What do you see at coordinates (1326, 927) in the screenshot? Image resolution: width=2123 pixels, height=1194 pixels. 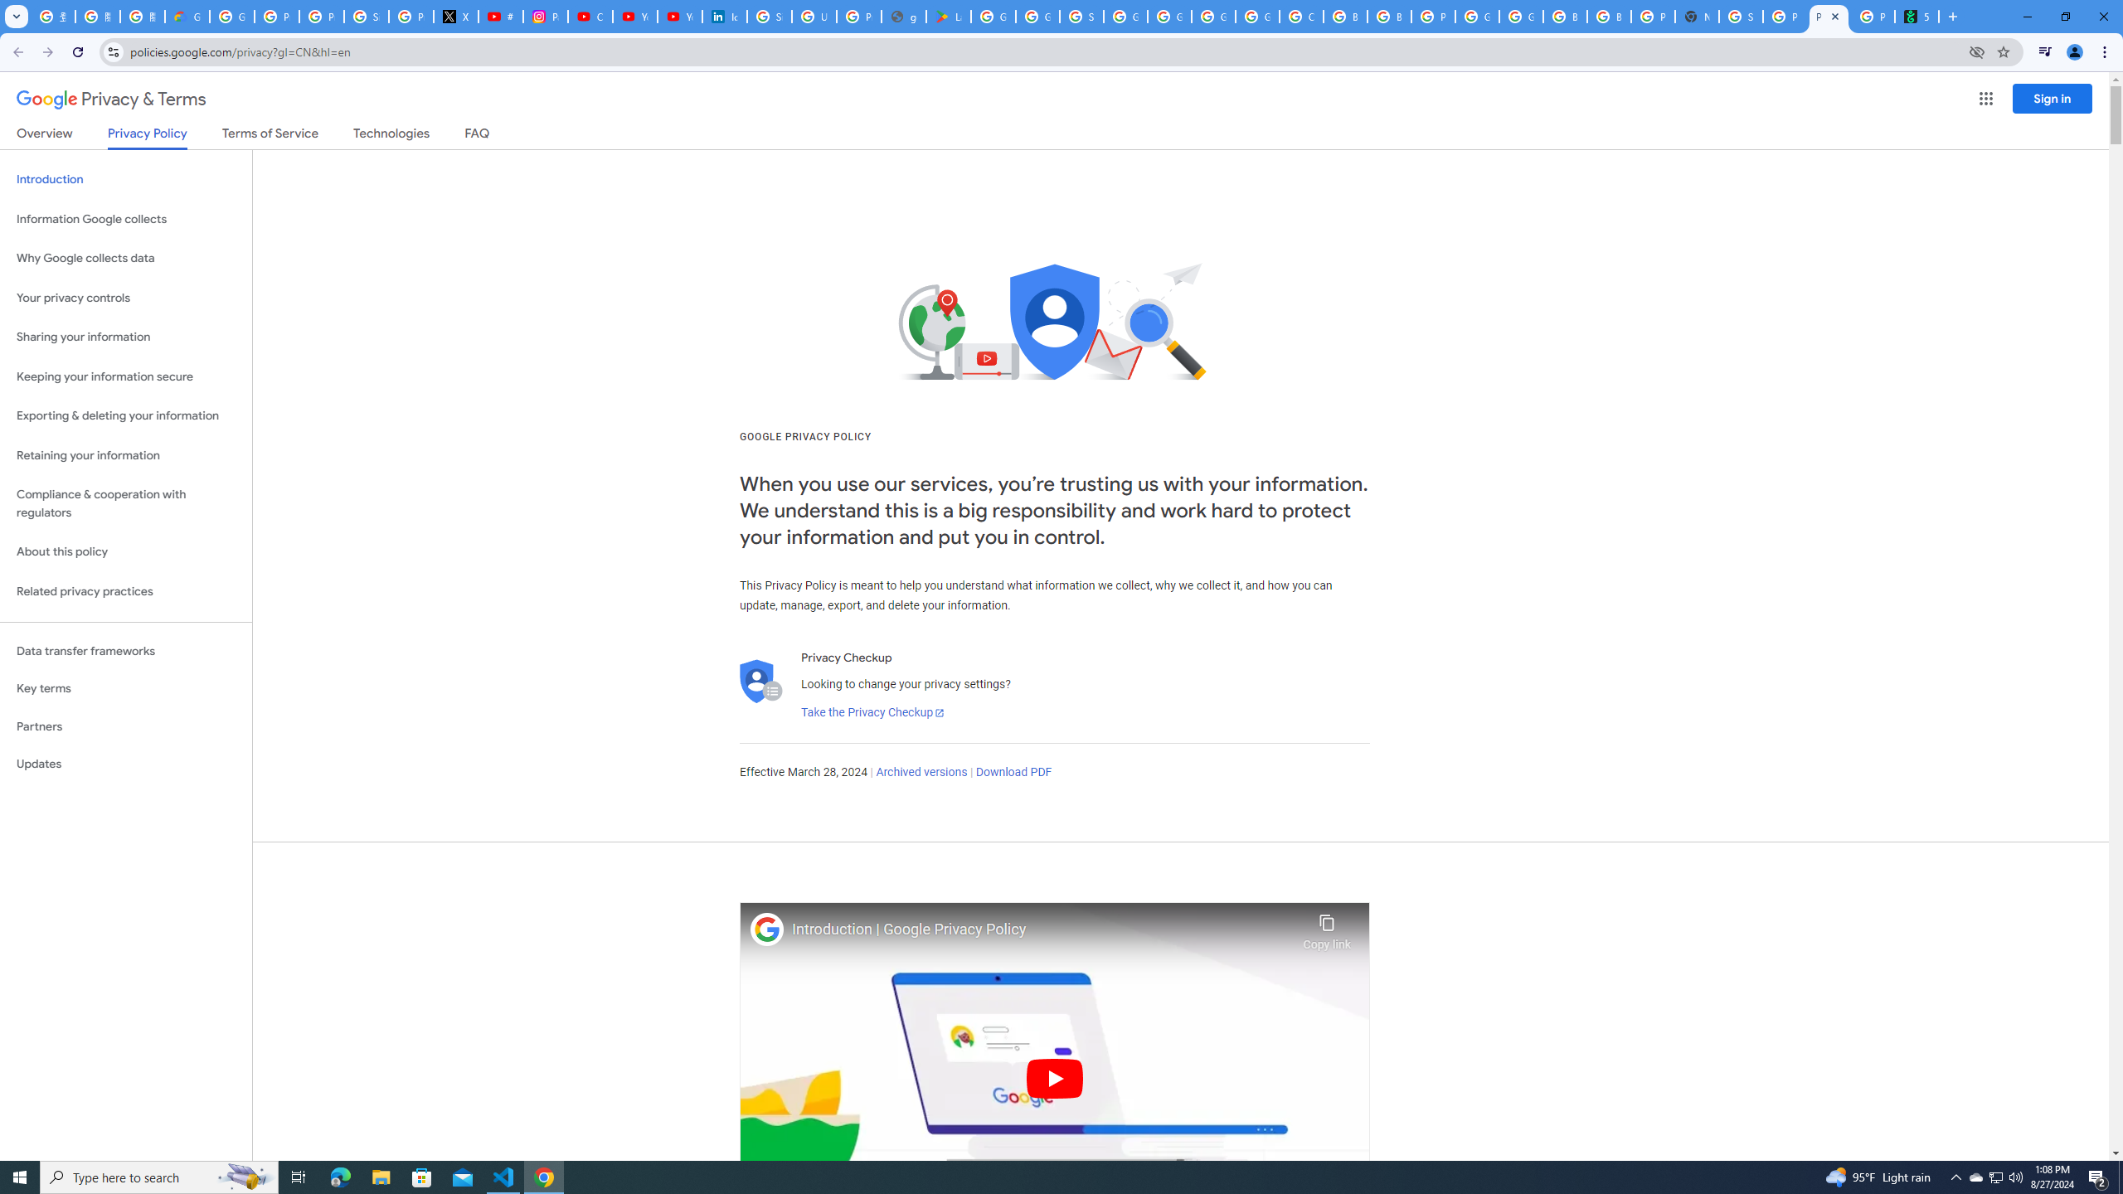 I see `'Copy link'` at bounding box center [1326, 927].